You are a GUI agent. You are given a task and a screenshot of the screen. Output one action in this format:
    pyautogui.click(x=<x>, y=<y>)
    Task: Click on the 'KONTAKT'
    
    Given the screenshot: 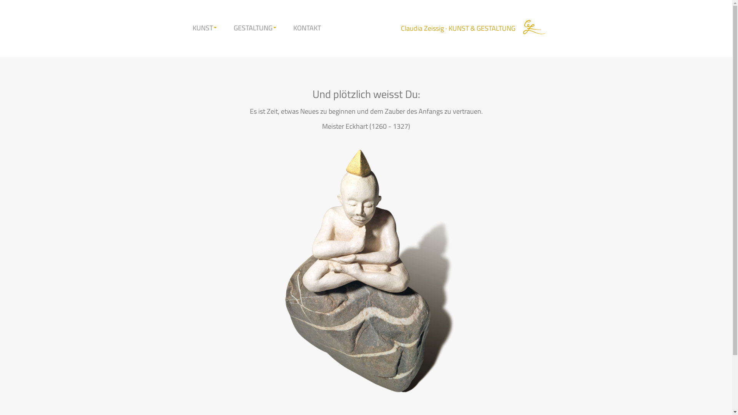 What is the action you would take?
    pyautogui.click(x=306, y=28)
    